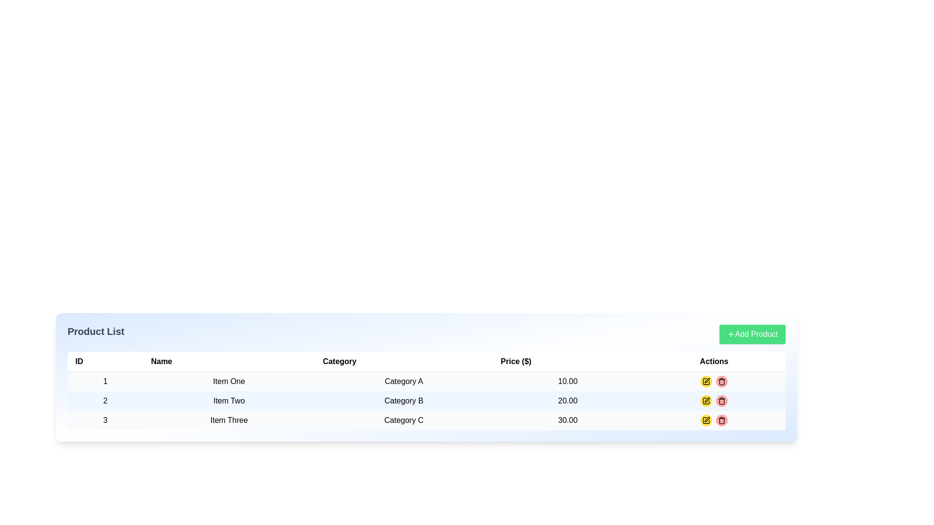  Describe the element at coordinates (228, 401) in the screenshot. I see `the Text label in the second row that displays the name of the item, located directly under 'Name' in the header` at that location.